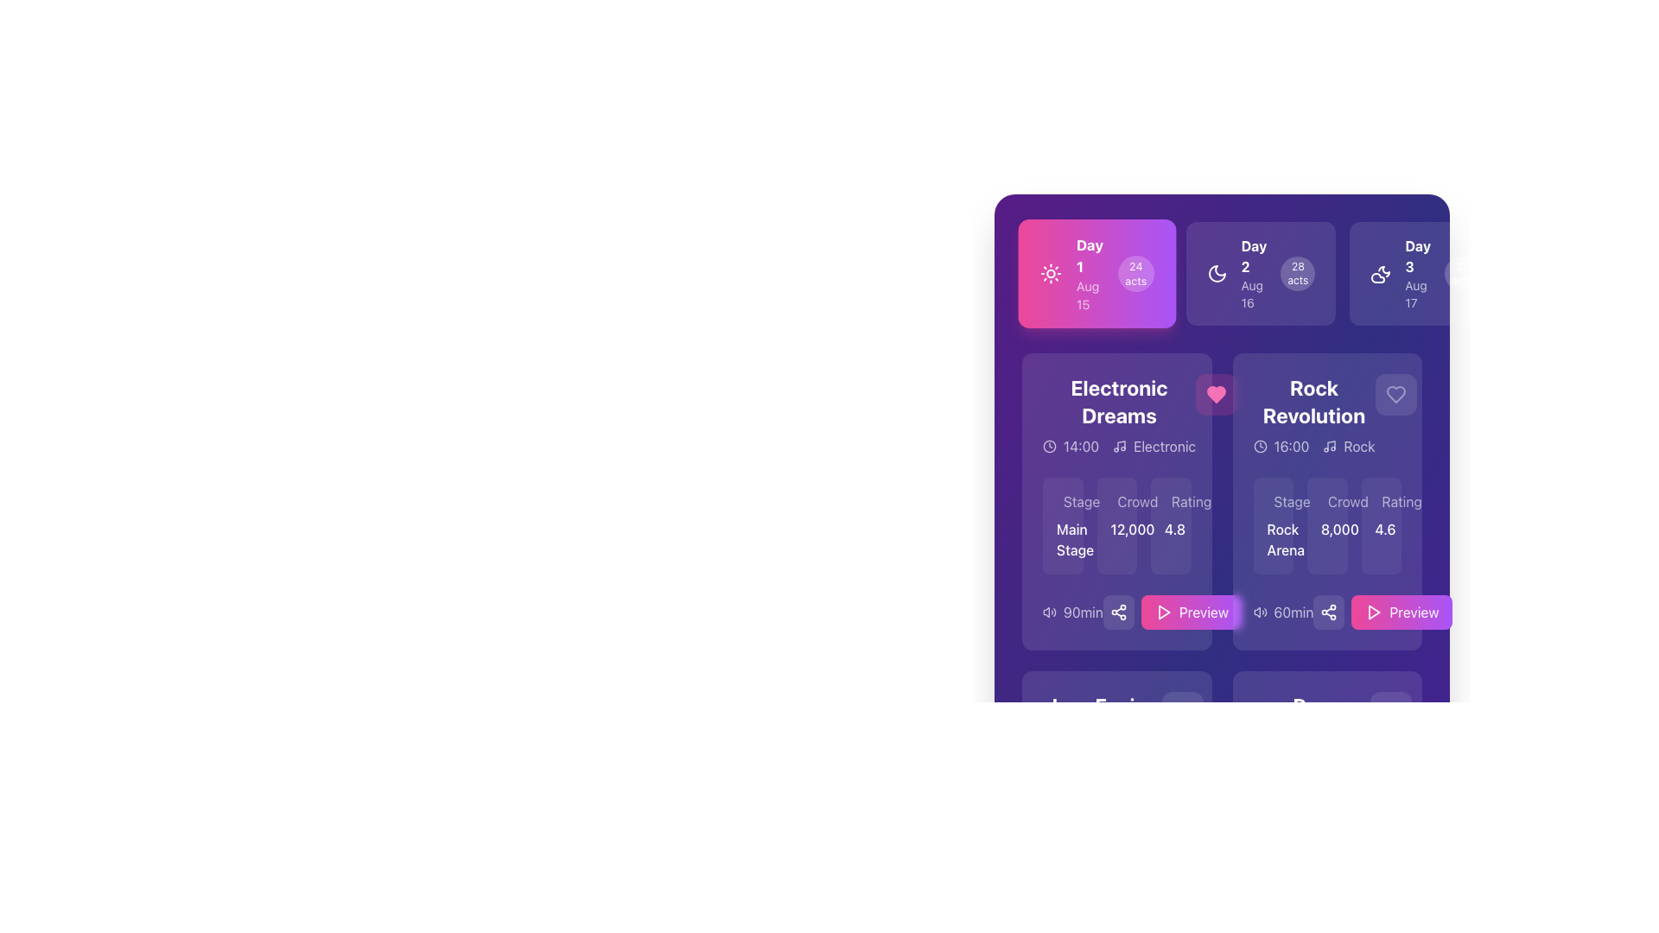 This screenshot has height=933, width=1659. What do you see at coordinates (1372, 612) in the screenshot?
I see `the play icon located at the center of the 'Preview' button, which is the lower-right action button under the 'Rock Revolution' card, to initiate playback` at bounding box center [1372, 612].